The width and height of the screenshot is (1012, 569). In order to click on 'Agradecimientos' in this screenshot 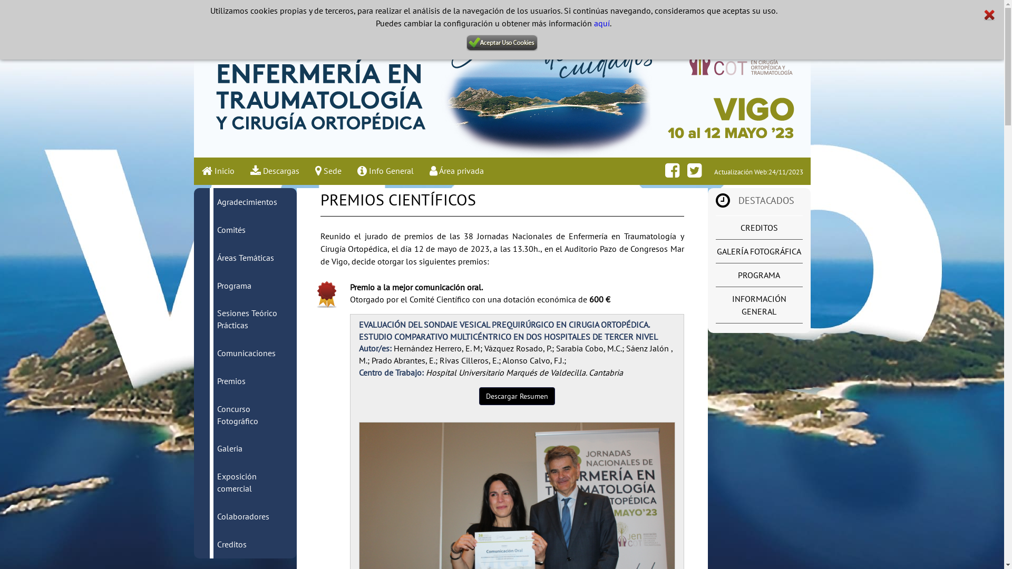, I will do `click(217, 201)`.